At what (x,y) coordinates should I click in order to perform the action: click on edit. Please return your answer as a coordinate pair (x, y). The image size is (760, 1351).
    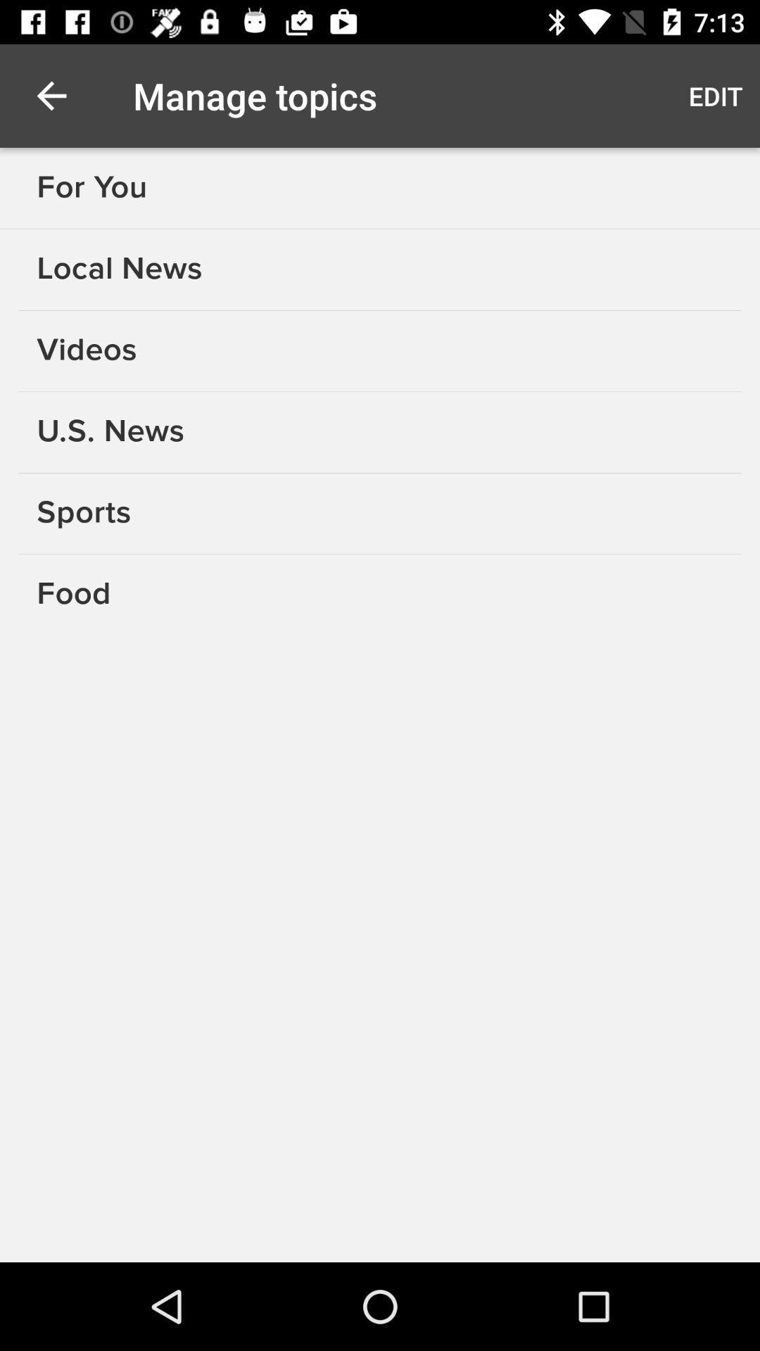
    Looking at the image, I should click on (716, 95).